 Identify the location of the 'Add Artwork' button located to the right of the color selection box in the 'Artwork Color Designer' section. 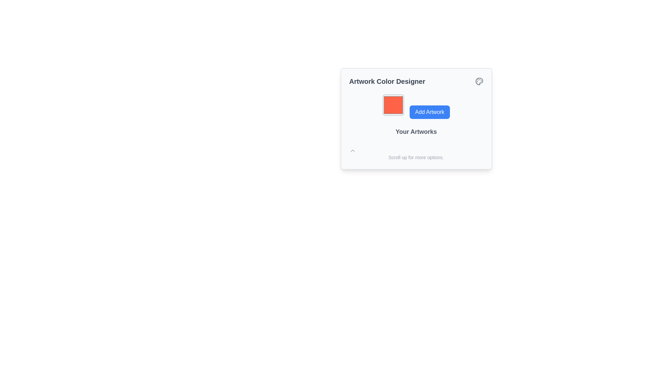
(416, 106).